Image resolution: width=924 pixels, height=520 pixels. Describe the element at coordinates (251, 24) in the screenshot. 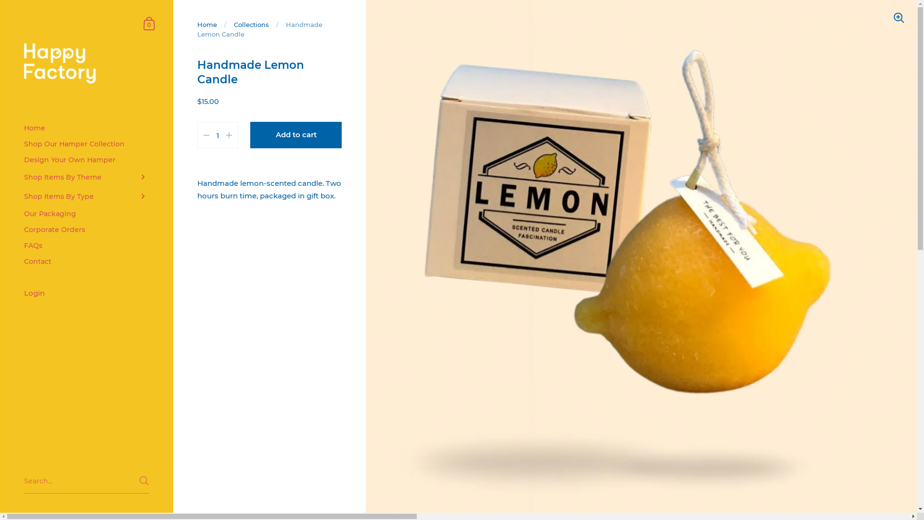

I see `'Collections'` at that location.